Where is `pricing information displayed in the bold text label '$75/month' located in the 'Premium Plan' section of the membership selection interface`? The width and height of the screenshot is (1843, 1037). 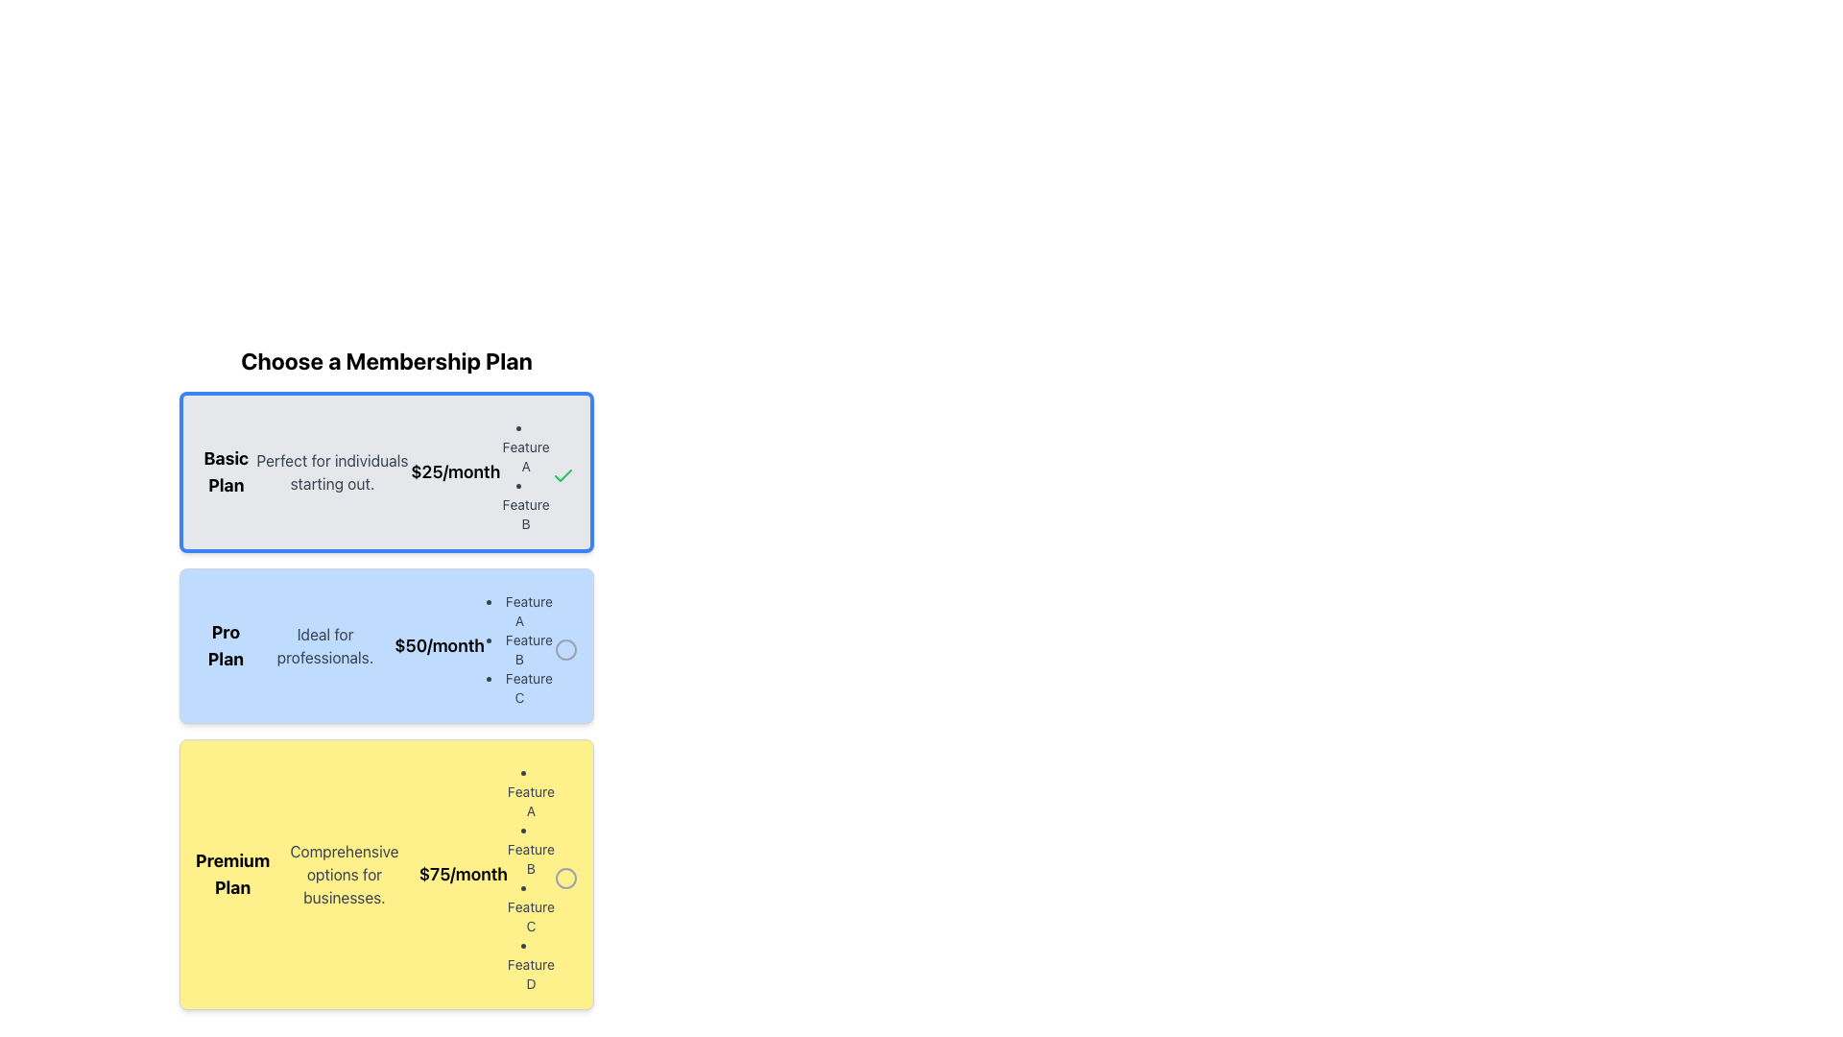
pricing information displayed in the bold text label '$75/month' located in the 'Premium Plan' section of the membership selection interface is located at coordinates (463, 874).